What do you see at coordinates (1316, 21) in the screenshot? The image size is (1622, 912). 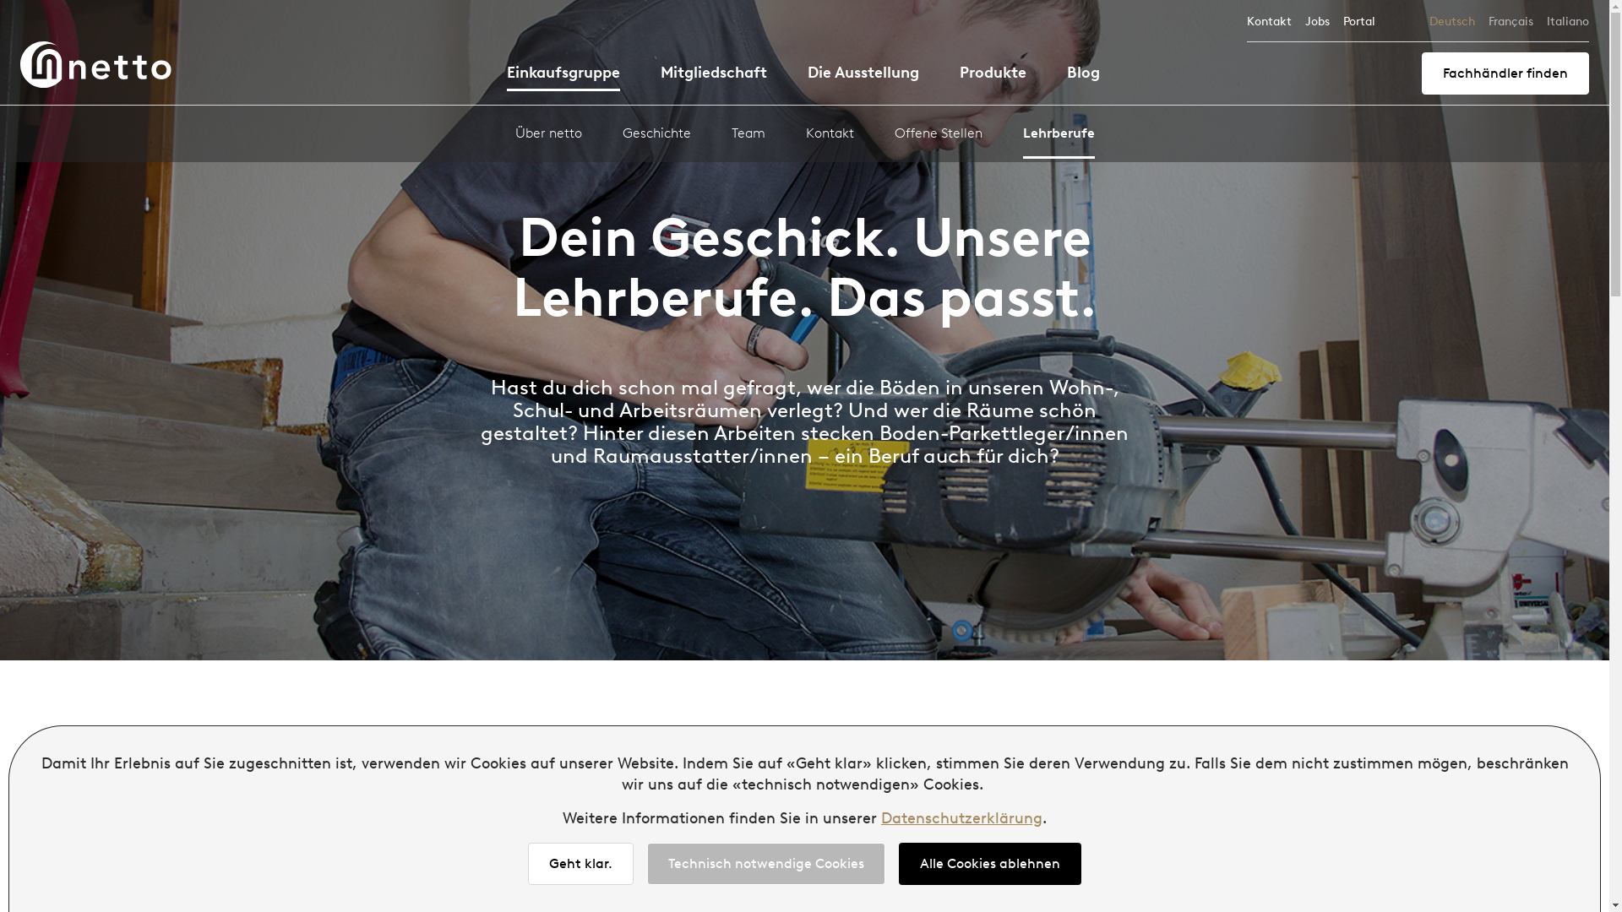 I see `'Jobs'` at bounding box center [1316, 21].